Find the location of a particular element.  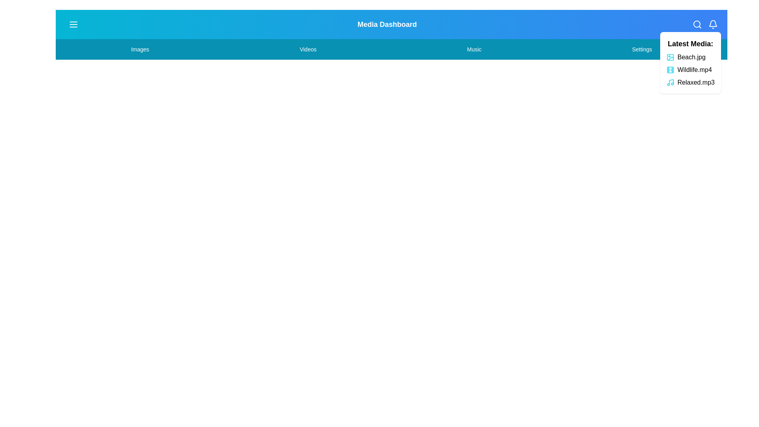

the specified icon: menu is located at coordinates (74, 24).